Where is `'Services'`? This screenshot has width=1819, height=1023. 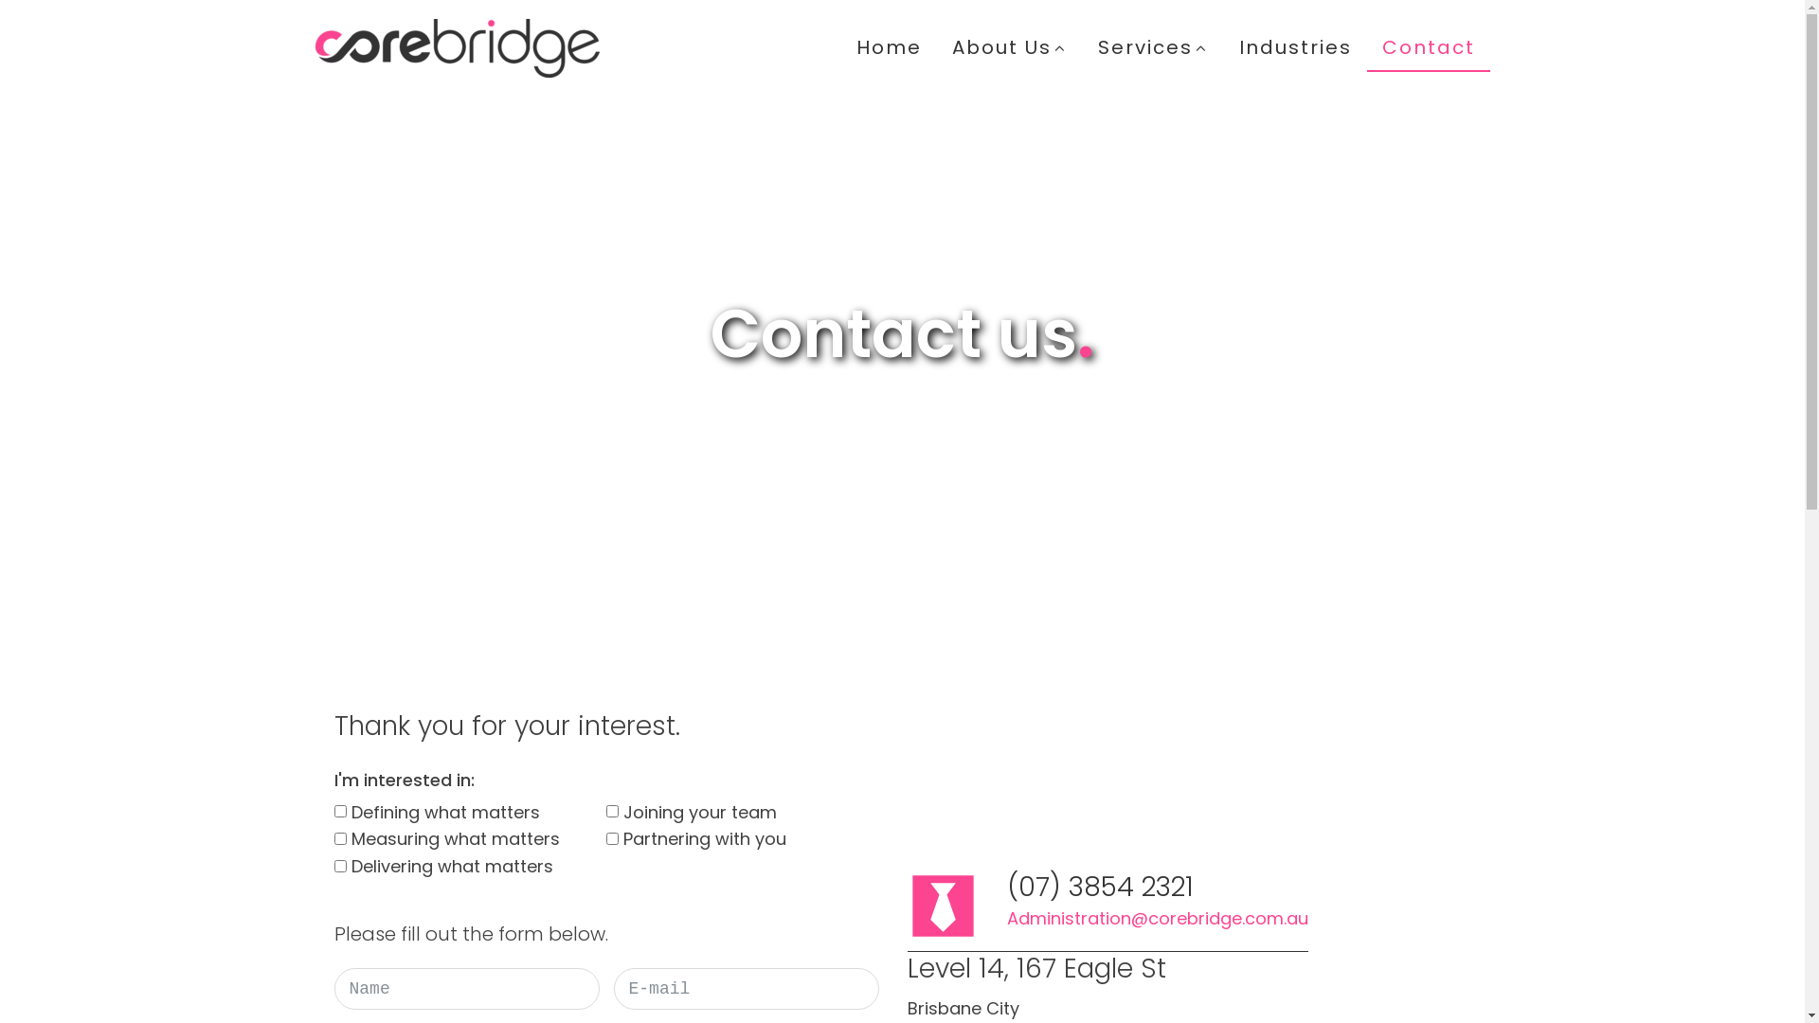
'Services' is located at coordinates (1152, 46).